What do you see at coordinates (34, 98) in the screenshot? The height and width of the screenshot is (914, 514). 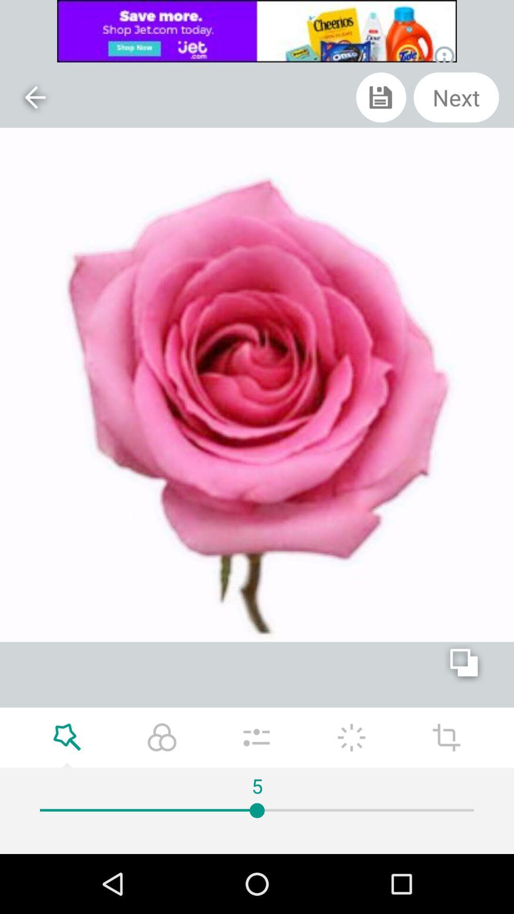 I see `the first button of the page` at bounding box center [34, 98].